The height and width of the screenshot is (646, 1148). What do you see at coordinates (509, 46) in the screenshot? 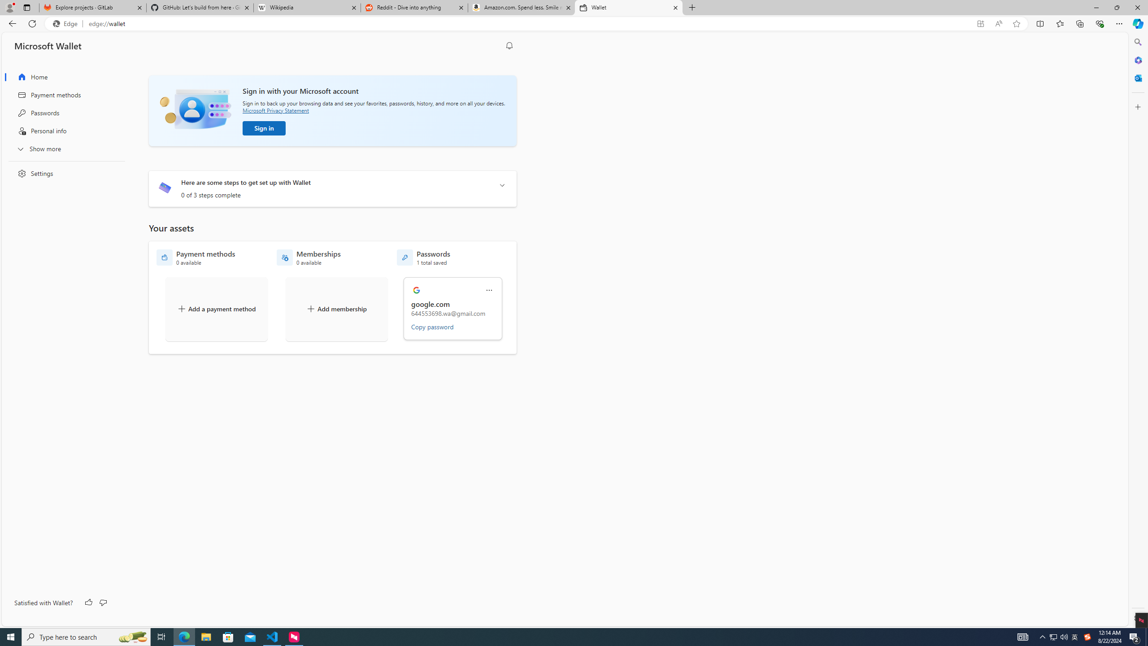
I see `'Notification'` at bounding box center [509, 46].